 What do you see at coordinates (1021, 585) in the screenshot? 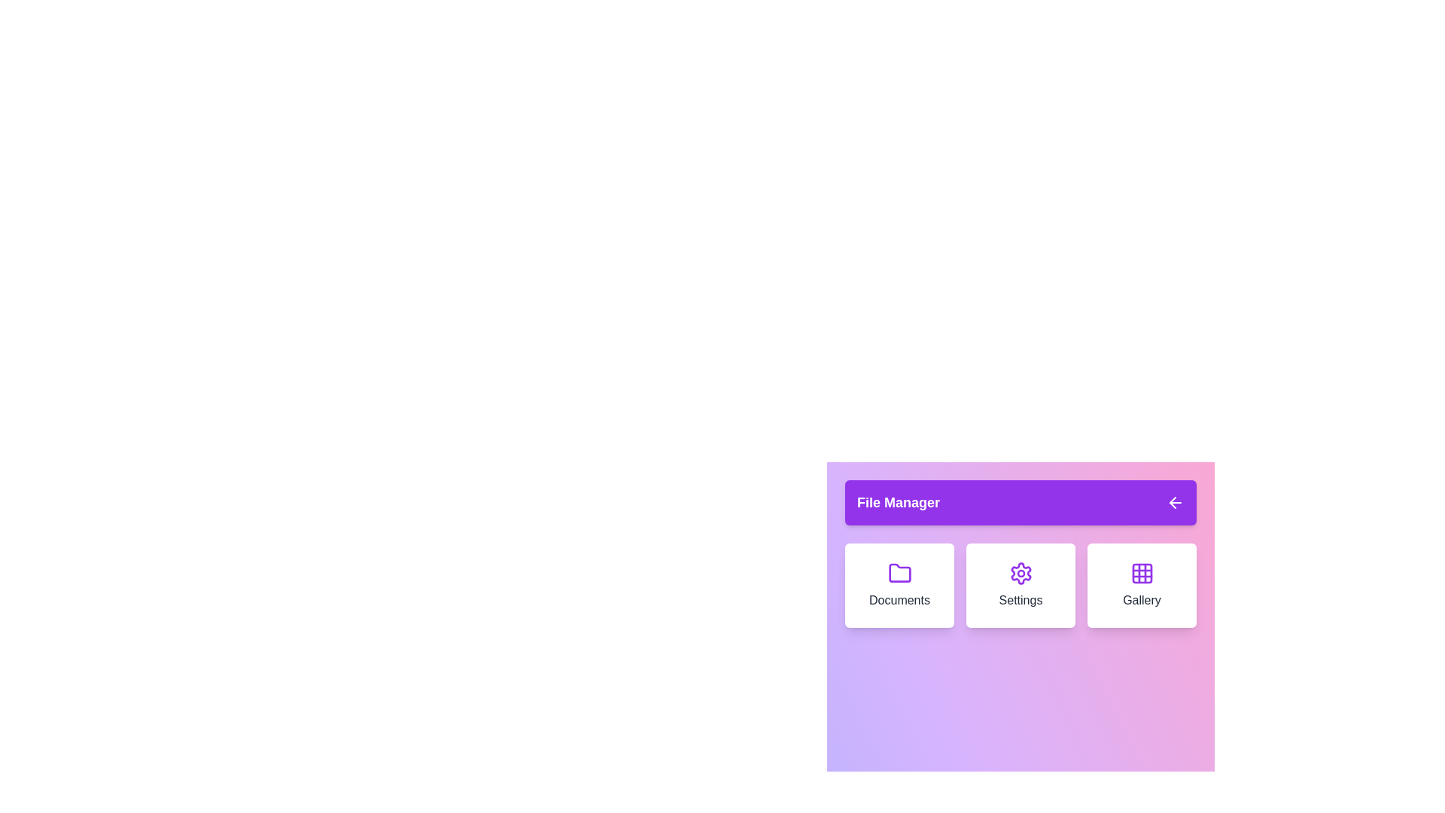
I see `the 'Settings' item in the FileManagerMenu` at bounding box center [1021, 585].